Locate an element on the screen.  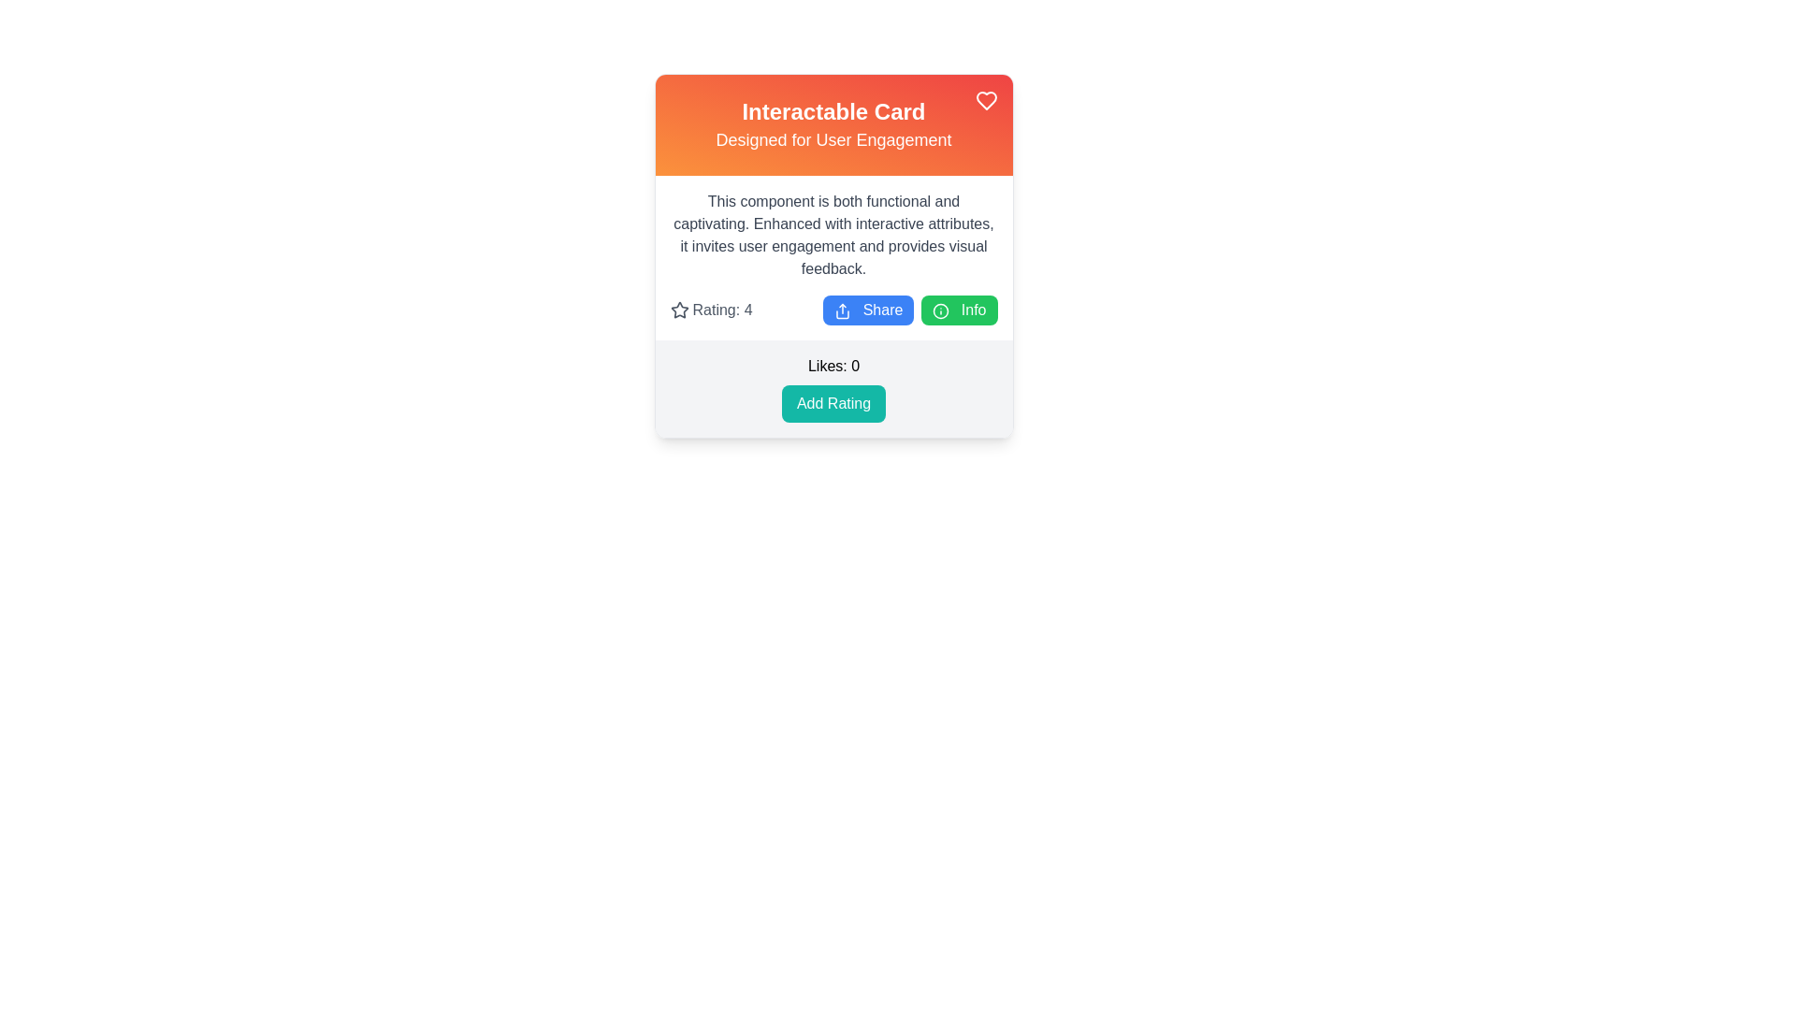
the blue 'Share' button with rounded corners that features an upward arrow icon on the left to share the content is located at coordinates (867, 309).